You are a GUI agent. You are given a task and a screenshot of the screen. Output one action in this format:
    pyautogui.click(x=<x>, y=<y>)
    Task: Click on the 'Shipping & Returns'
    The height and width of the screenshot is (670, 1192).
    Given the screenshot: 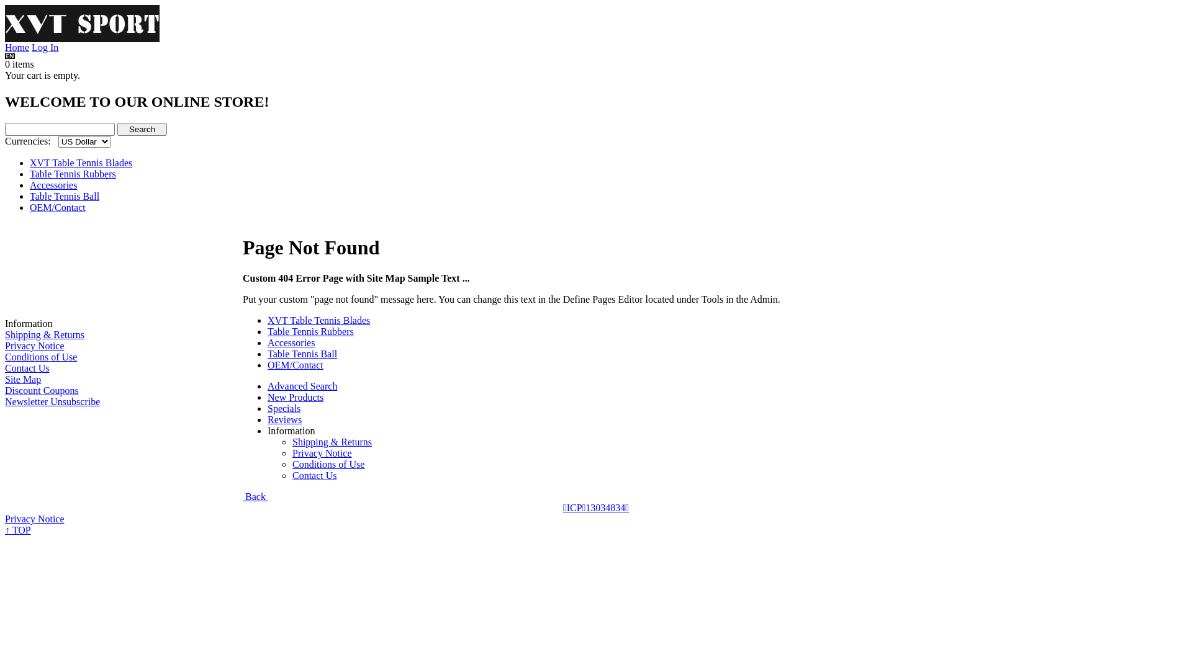 What is the action you would take?
    pyautogui.click(x=45, y=334)
    